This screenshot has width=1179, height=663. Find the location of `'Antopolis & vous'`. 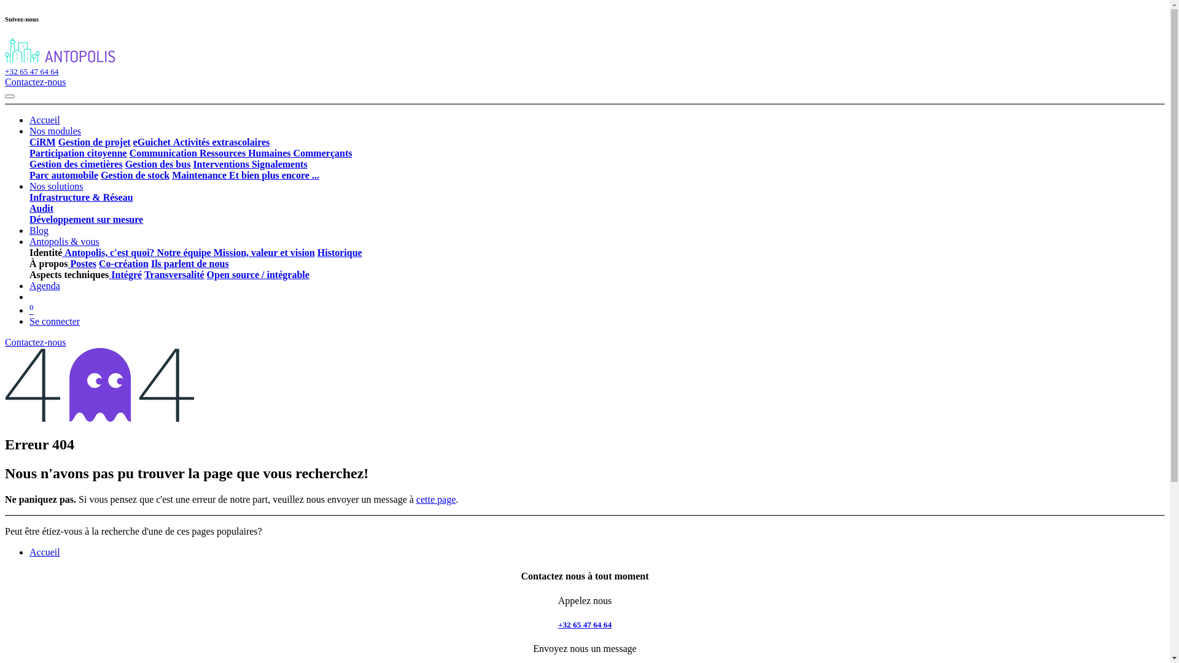

'Antopolis & vous' is located at coordinates (64, 241).